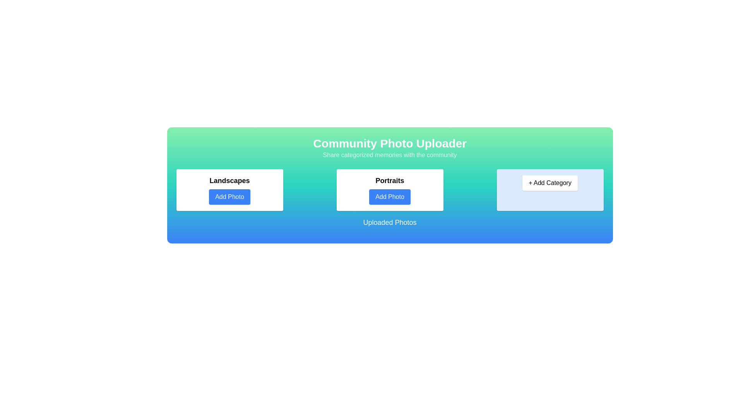  I want to click on the 'Add Photo' button, which is a rounded rectangular button with a blue background and white text, located in the 'Portraits' section, so click(390, 197).